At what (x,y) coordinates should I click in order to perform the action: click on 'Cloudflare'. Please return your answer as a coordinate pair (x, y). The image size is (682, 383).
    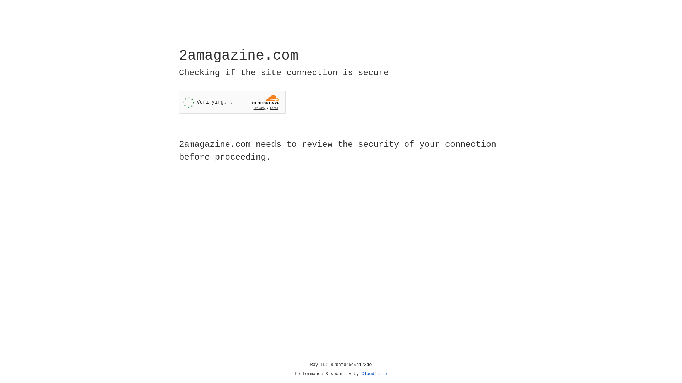
    Looking at the image, I should click on (374, 374).